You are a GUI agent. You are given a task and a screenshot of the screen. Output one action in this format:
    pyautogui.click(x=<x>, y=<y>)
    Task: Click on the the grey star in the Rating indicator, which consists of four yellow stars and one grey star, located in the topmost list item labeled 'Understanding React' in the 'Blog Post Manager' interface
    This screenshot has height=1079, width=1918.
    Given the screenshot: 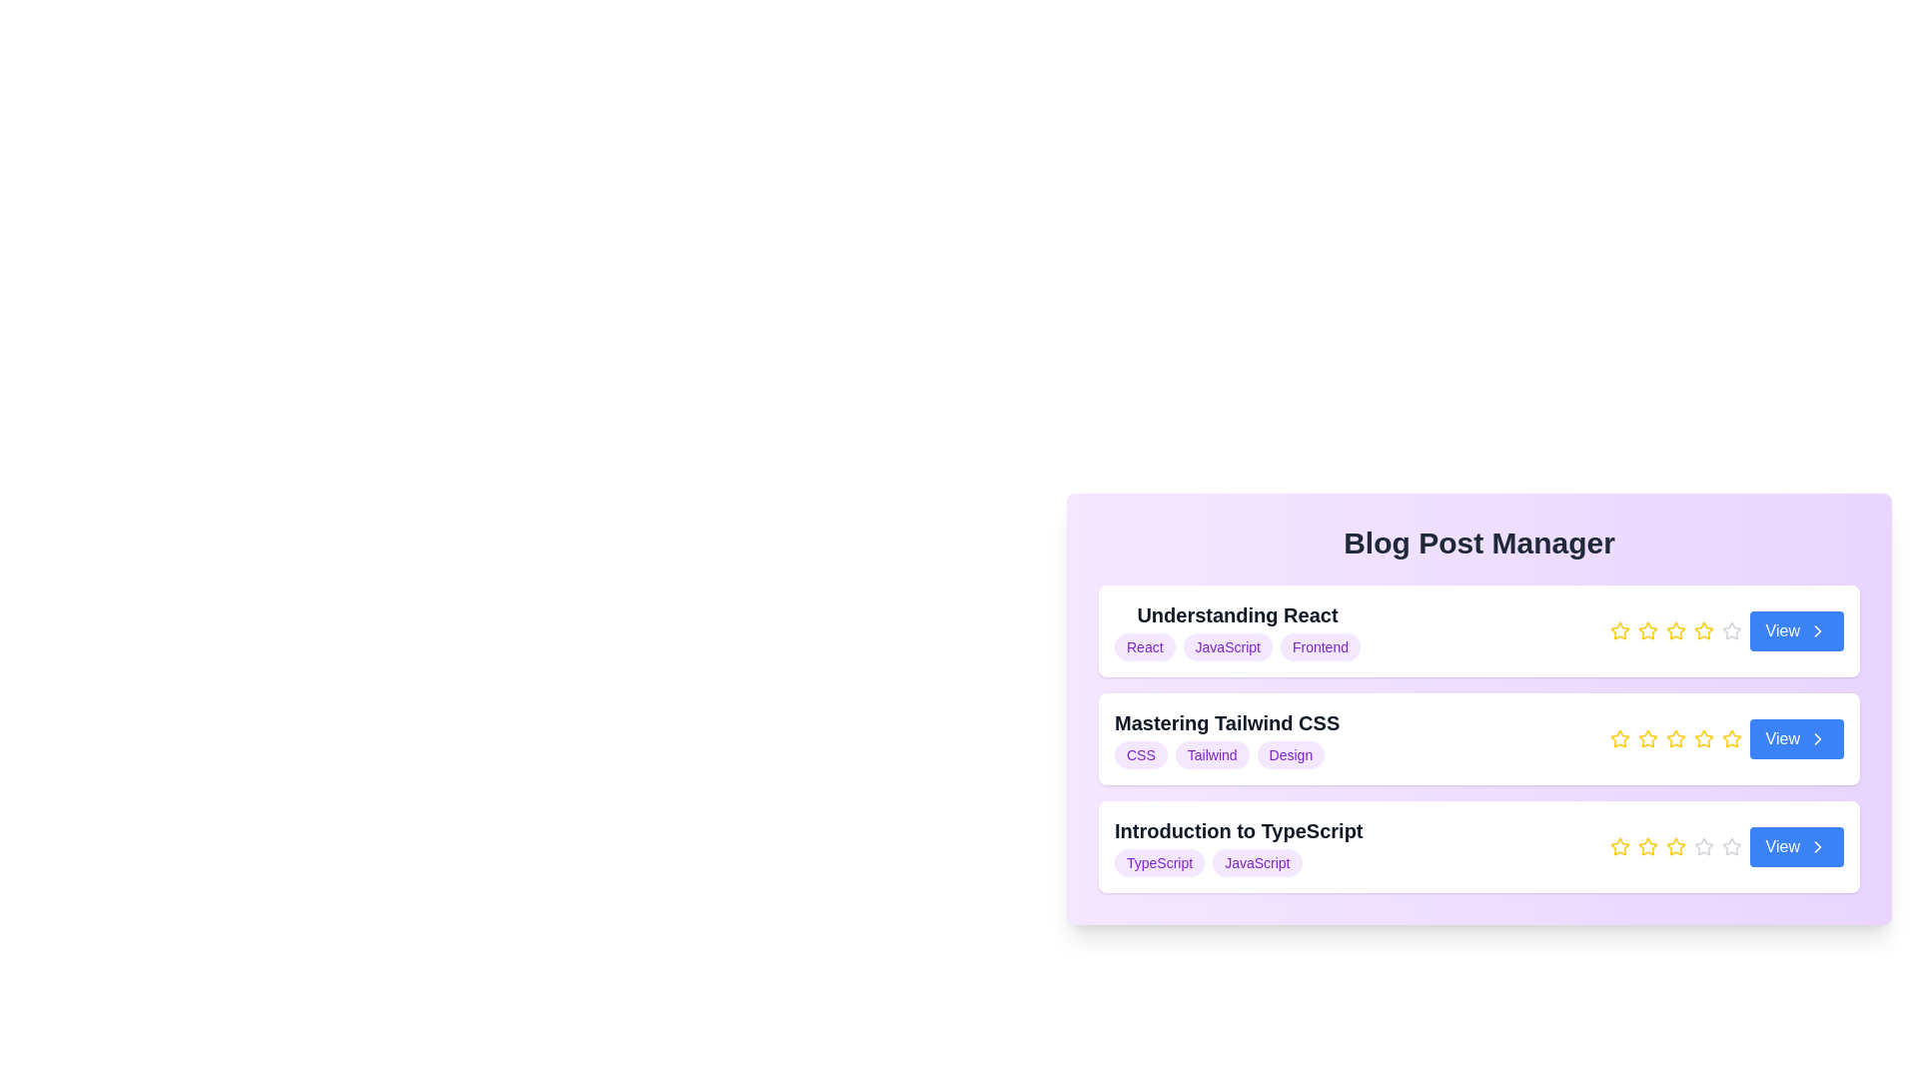 What is the action you would take?
    pyautogui.click(x=1725, y=631)
    